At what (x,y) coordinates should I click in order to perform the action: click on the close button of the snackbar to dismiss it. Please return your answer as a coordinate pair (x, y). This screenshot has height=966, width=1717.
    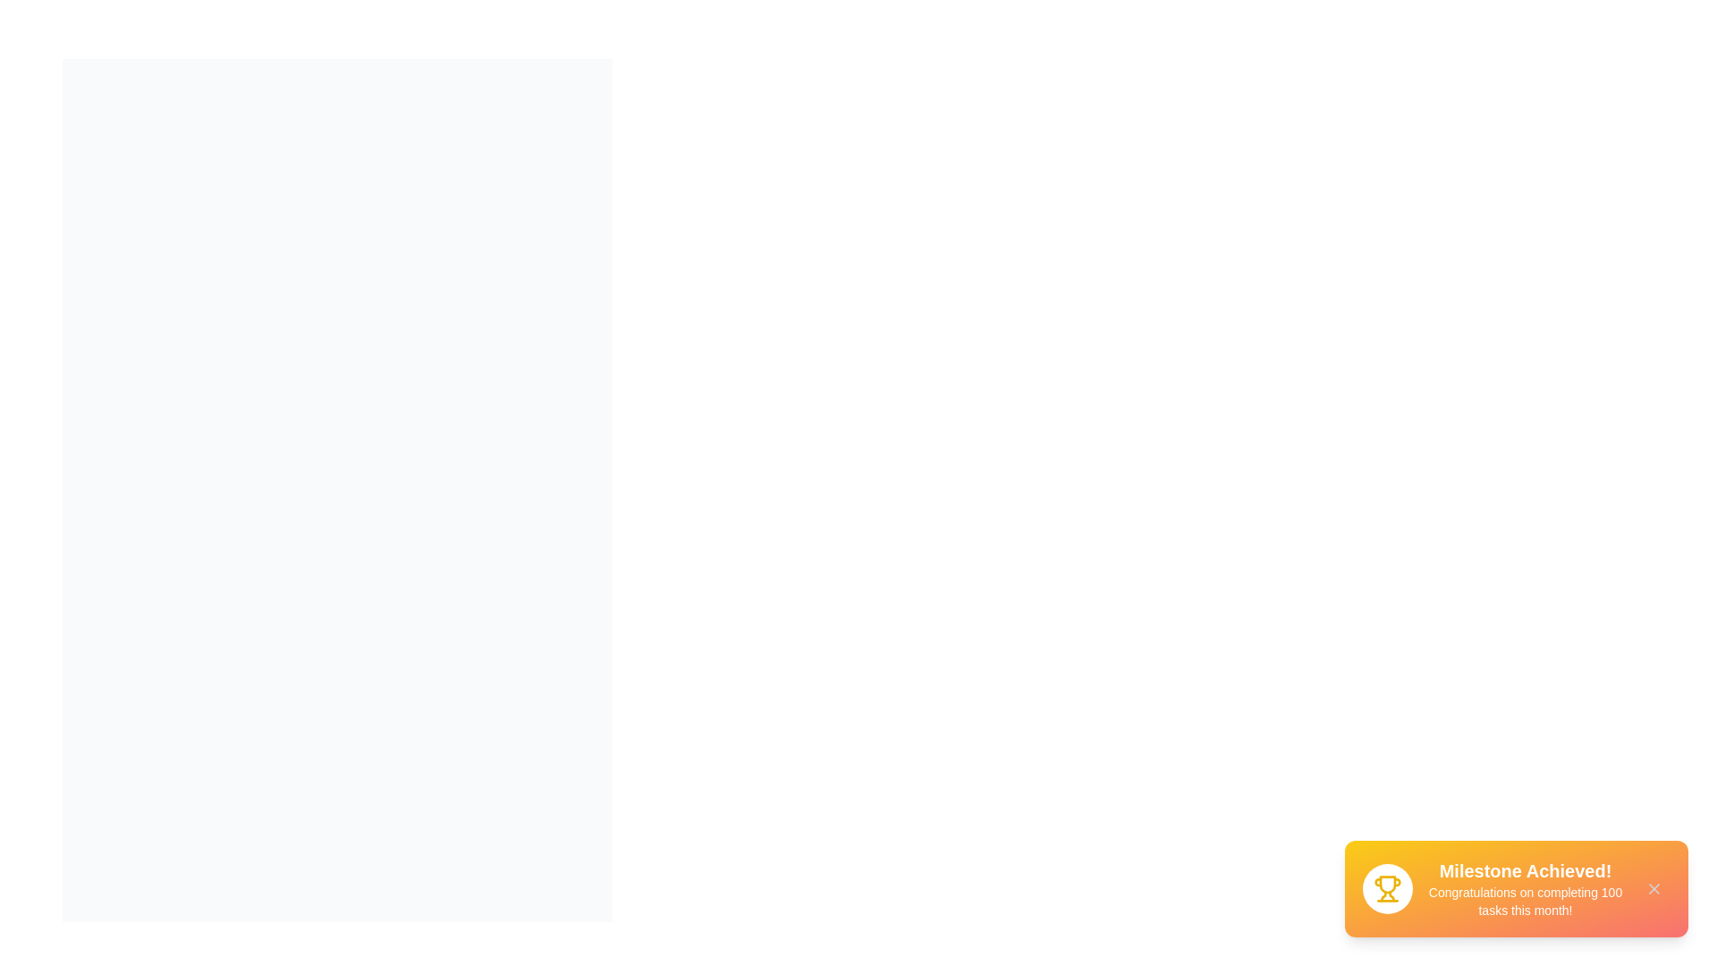
    Looking at the image, I should click on (1653, 889).